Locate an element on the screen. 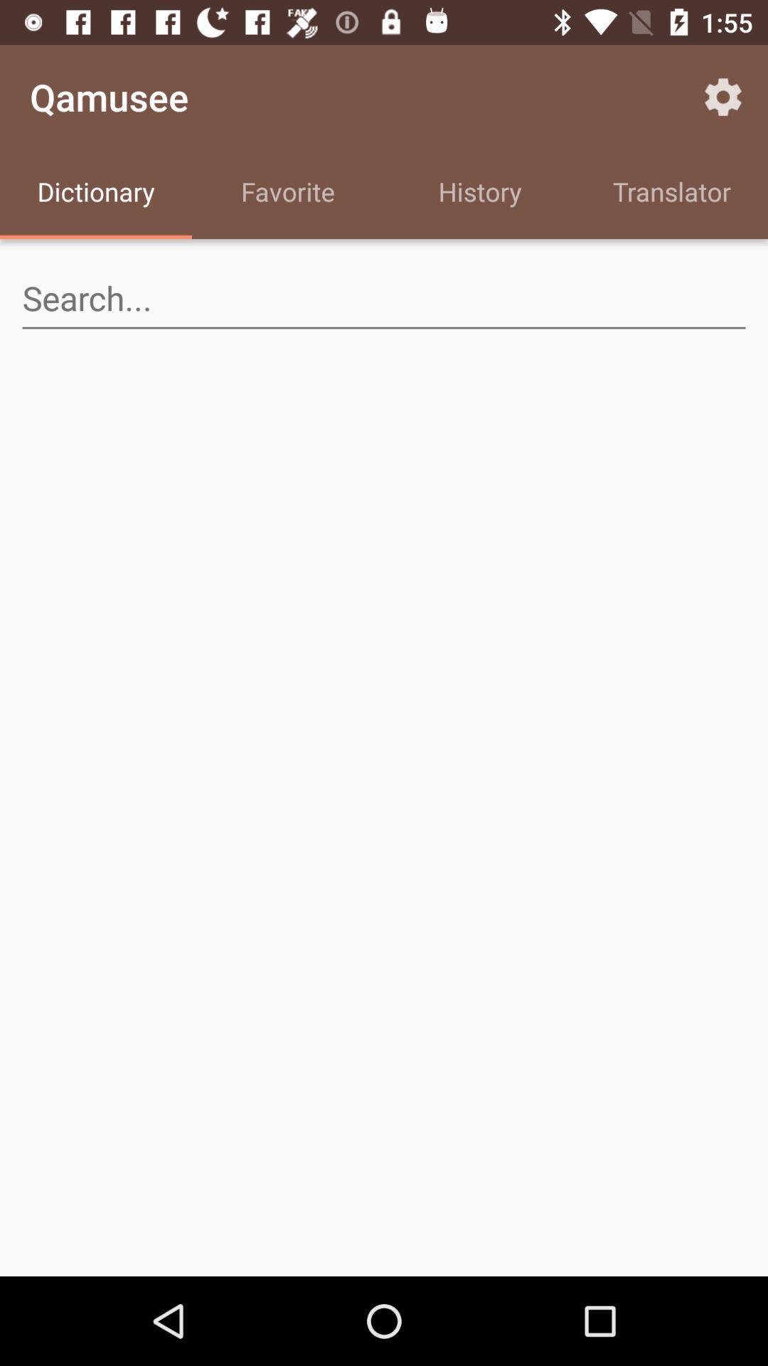  seach bar is located at coordinates (384, 298).